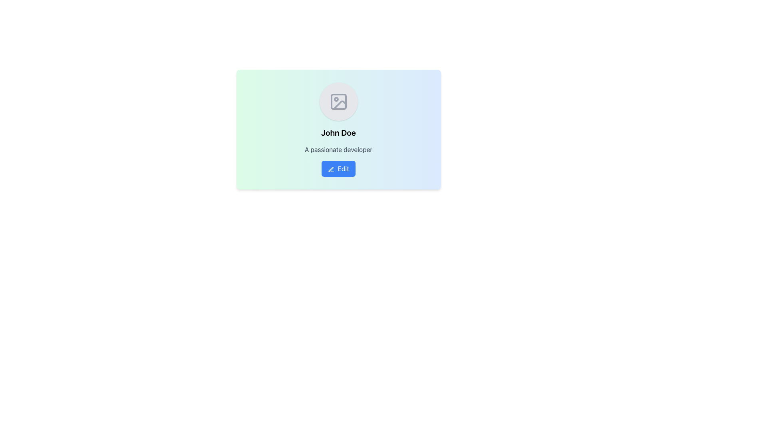 This screenshot has width=767, height=431. What do you see at coordinates (338, 101) in the screenshot?
I see `the stylized icon representing a placeholder image, which is located at the top center of the user information card, above the user name 'John Doe' and the subtitle 'A passionate developer'` at bounding box center [338, 101].